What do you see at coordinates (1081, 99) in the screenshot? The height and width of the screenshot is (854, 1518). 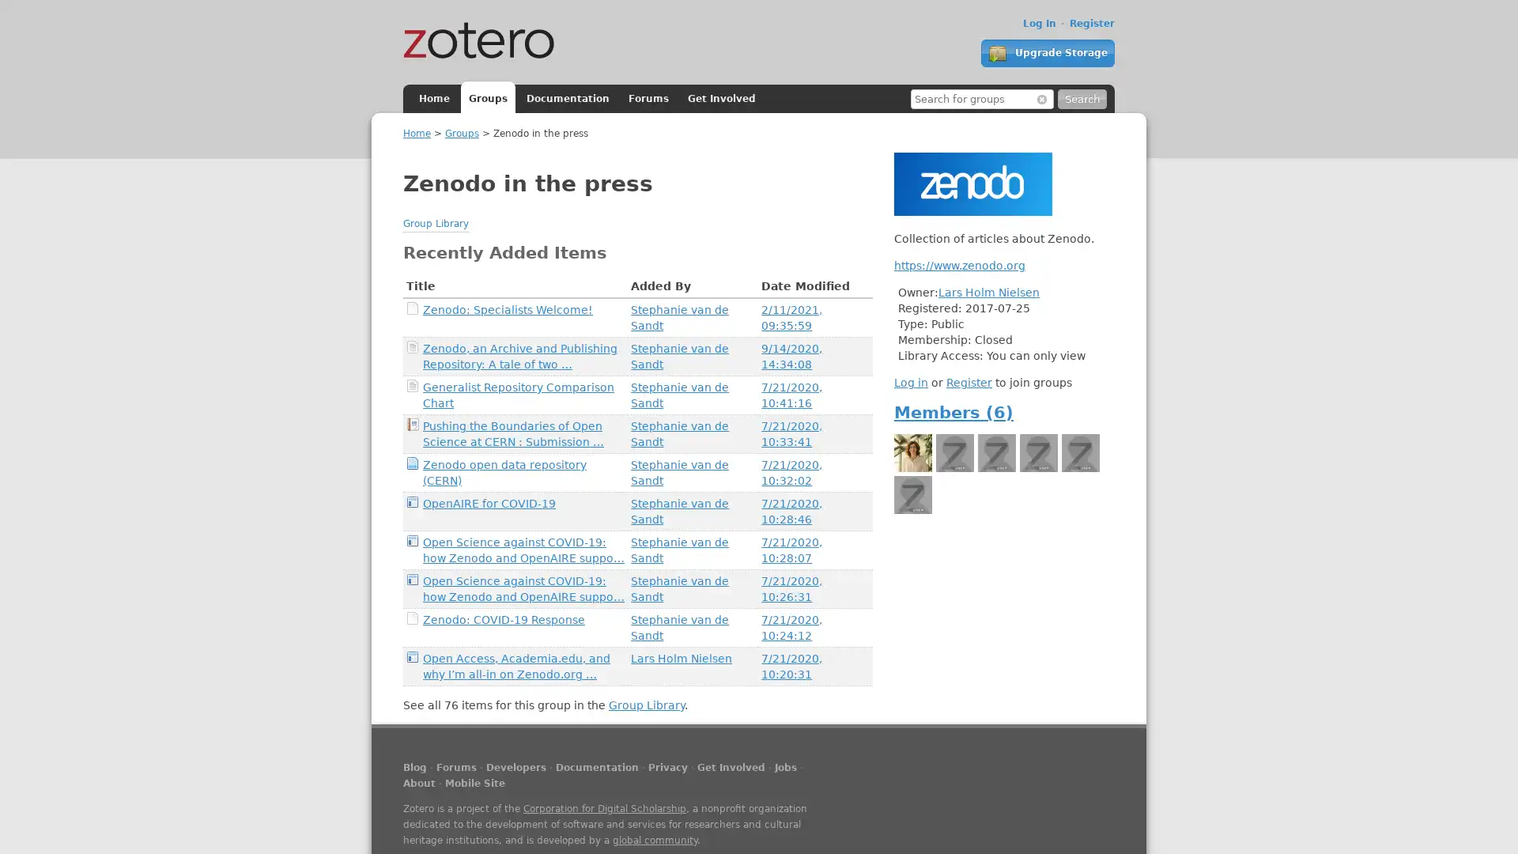 I see `Search` at bounding box center [1081, 99].